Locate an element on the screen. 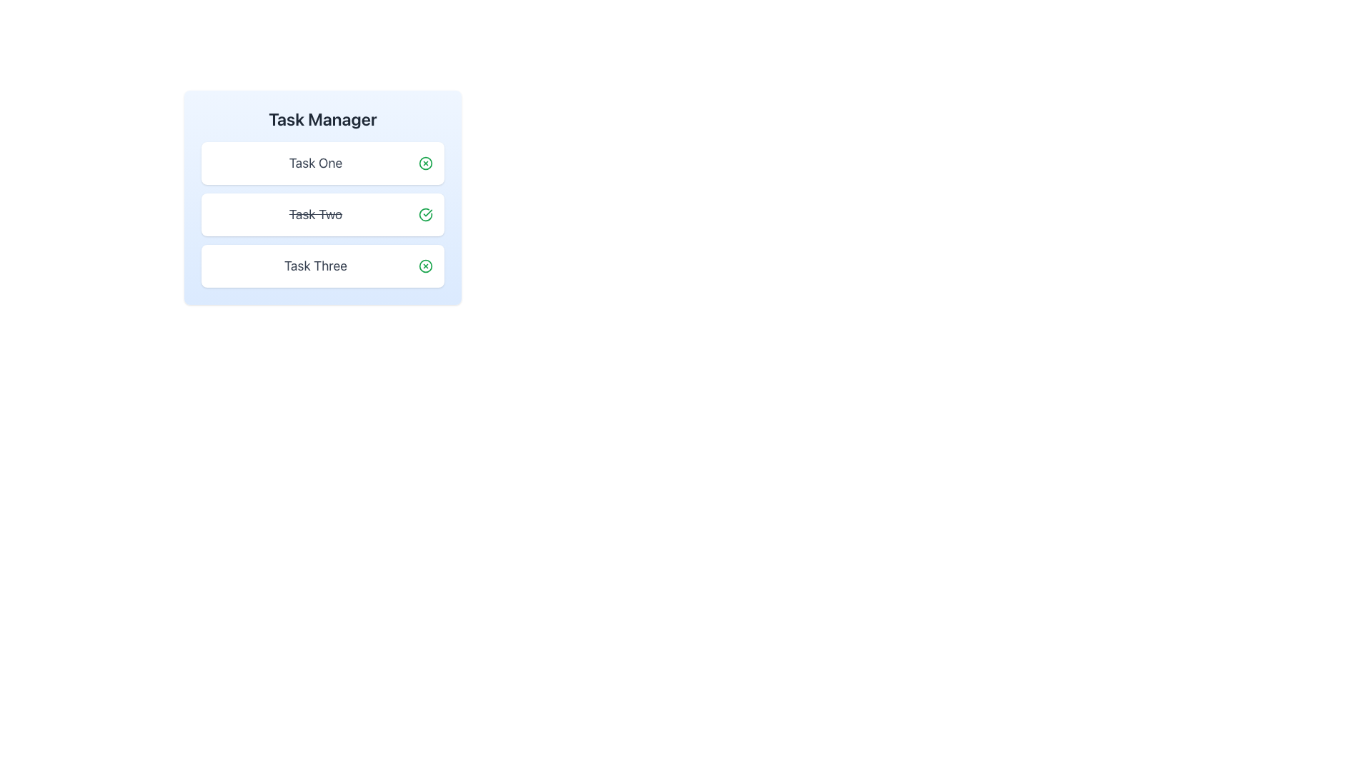  the details of the task represented by the card labeled 'Task Three', which is the third card in the vertical list within the 'Task Manager' is located at coordinates (322, 266).